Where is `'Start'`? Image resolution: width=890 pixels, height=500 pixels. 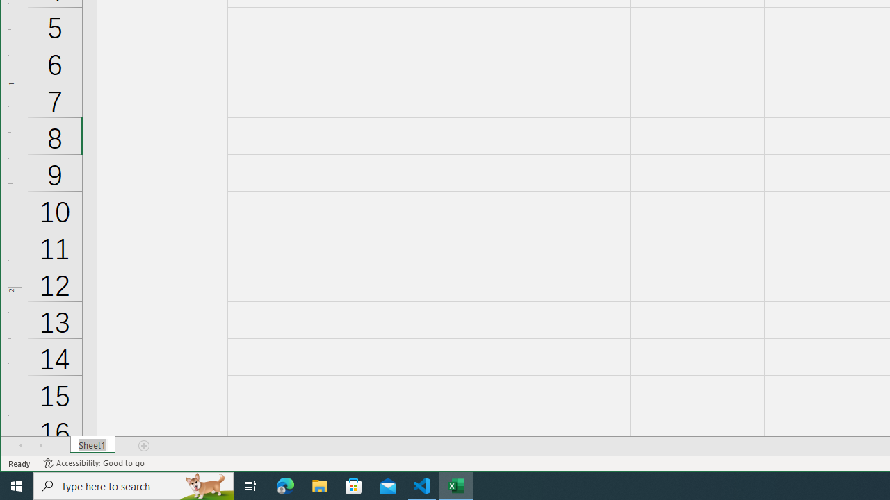 'Start' is located at coordinates (17, 485).